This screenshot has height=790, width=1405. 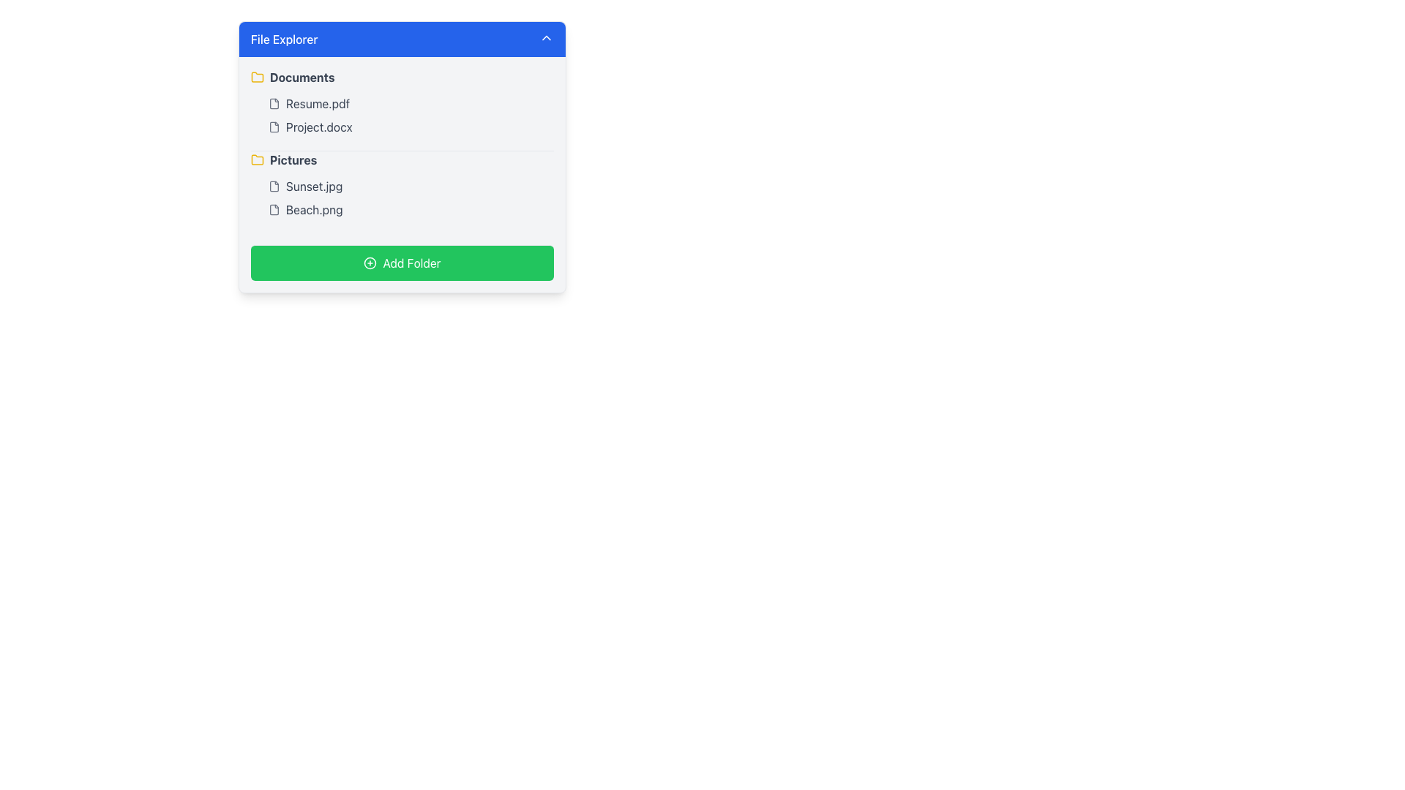 I want to click on the folder icon styled in light yellow, located in the 'Pictures' section of the file explorer, to the left of the text 'Pictures.', so click(x=257, y=159).